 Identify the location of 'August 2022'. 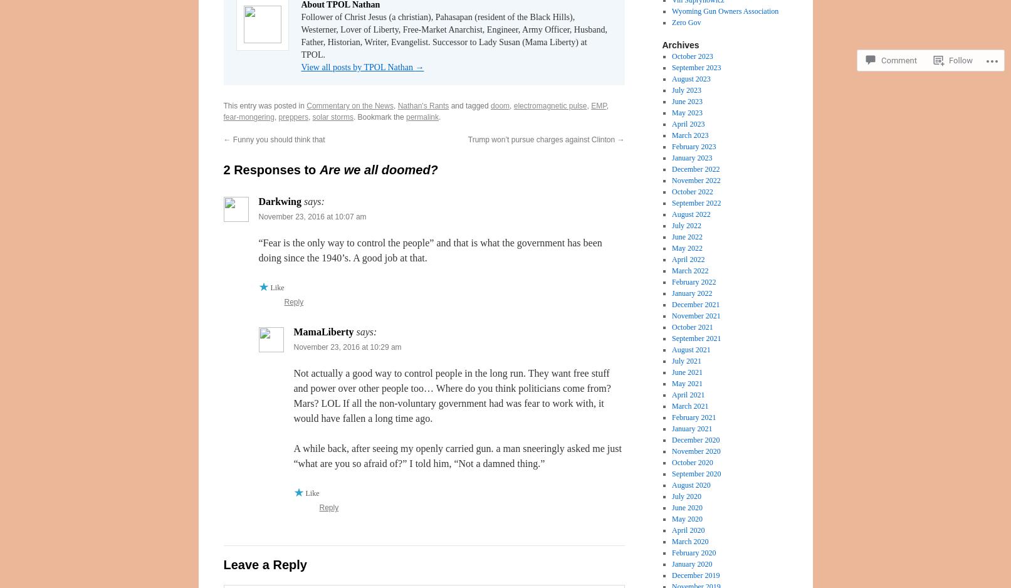
(690, 214).